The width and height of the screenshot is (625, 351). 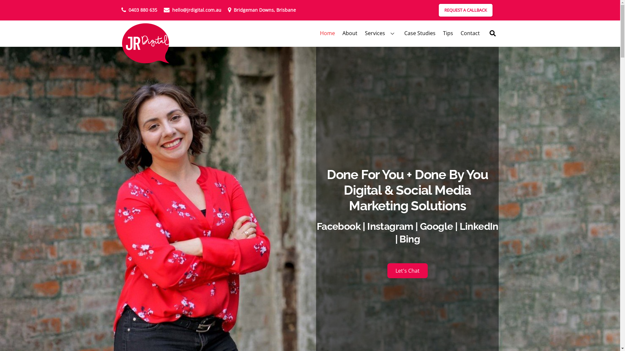 What do you see at coordinates (381, 33) in the screenshot?
I see `'Services'` at bounding box center [381, 33].